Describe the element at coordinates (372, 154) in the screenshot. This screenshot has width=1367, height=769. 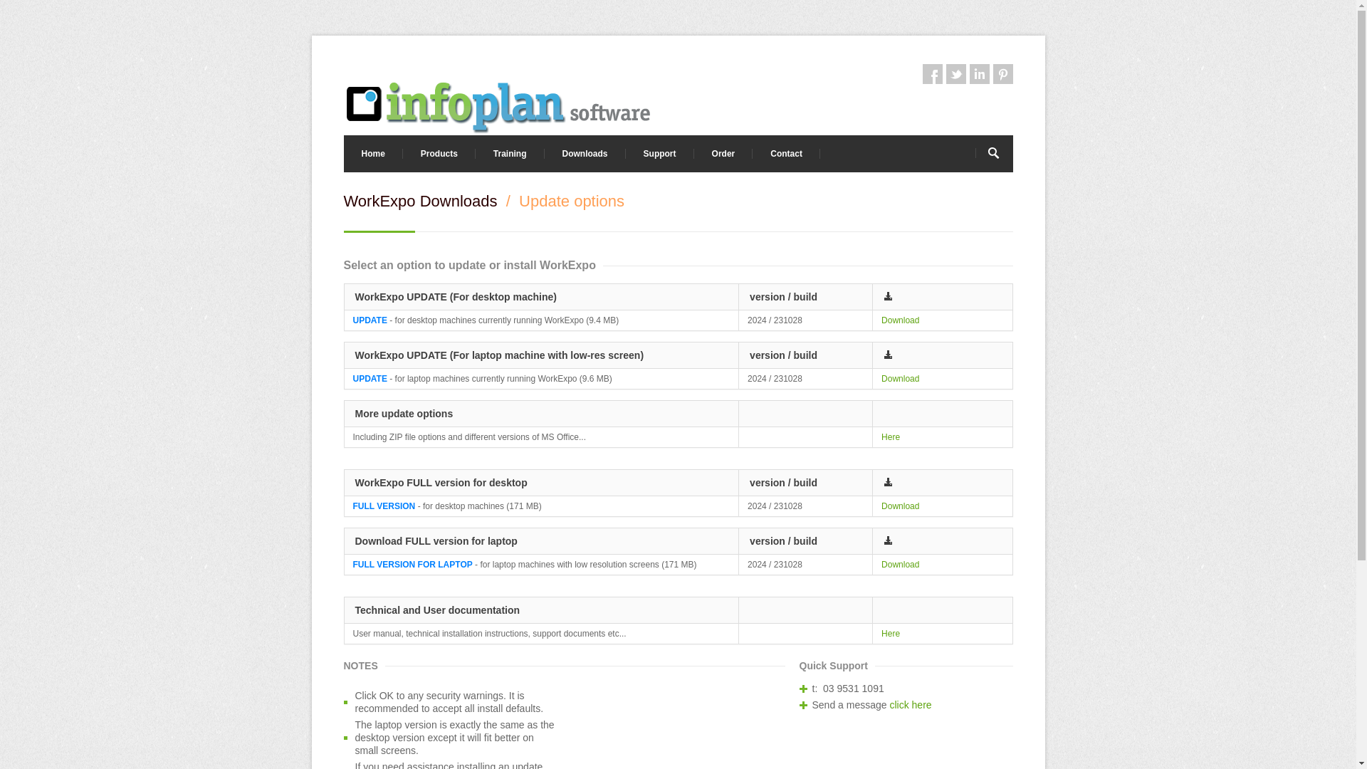
I see `'Home'` at that location.